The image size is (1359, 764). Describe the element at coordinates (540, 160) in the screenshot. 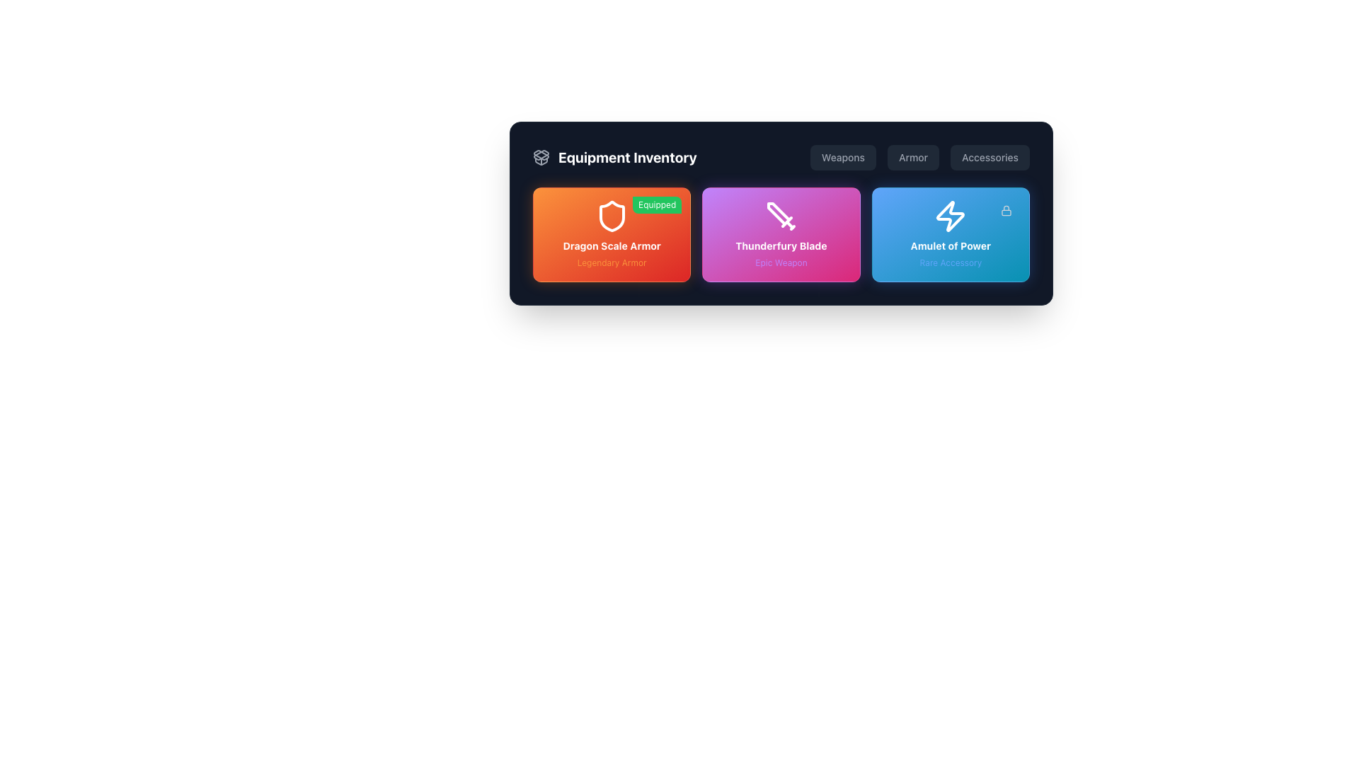

I see `the graphic/SVG element located in the top-left corner of the interface, directly preceding the 'Equipment Inventory' heading` at that location.